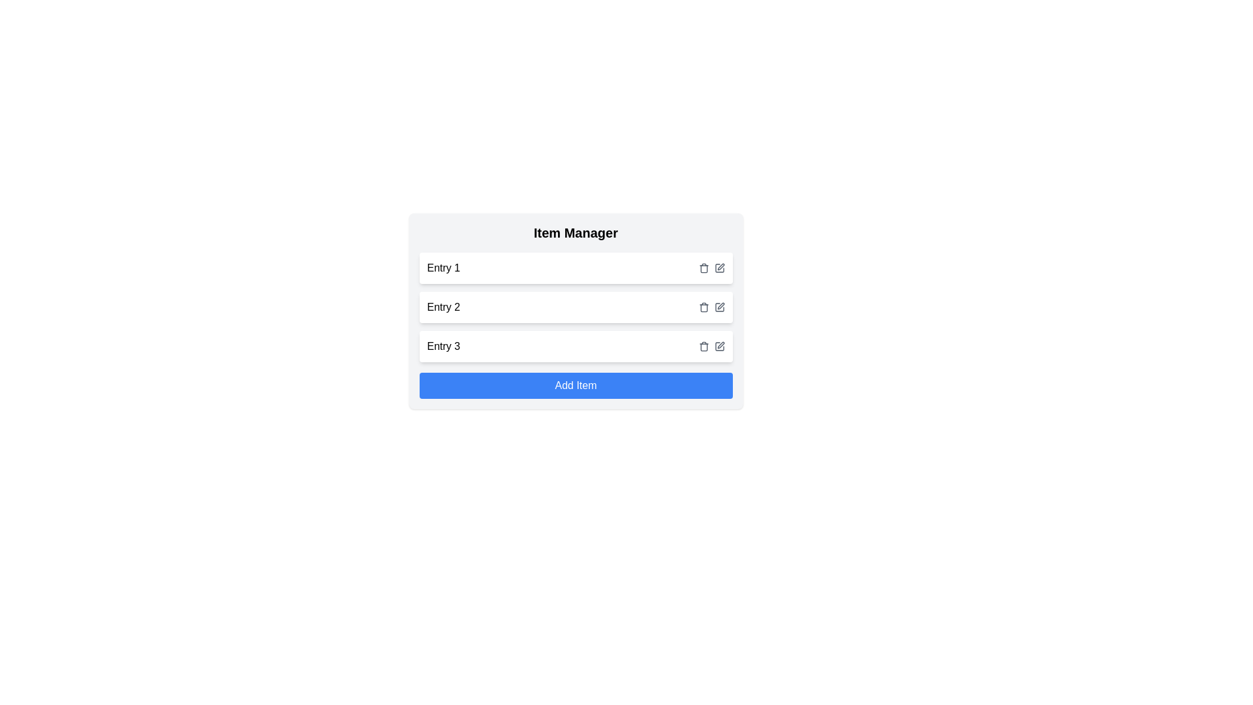 This screenshot has height=705, width=1253. What do you see at coordinates (575, 232) in the screenshot?
I see `the 'Item Manager' heading to indicate selection` at bounding box center [575, 232].